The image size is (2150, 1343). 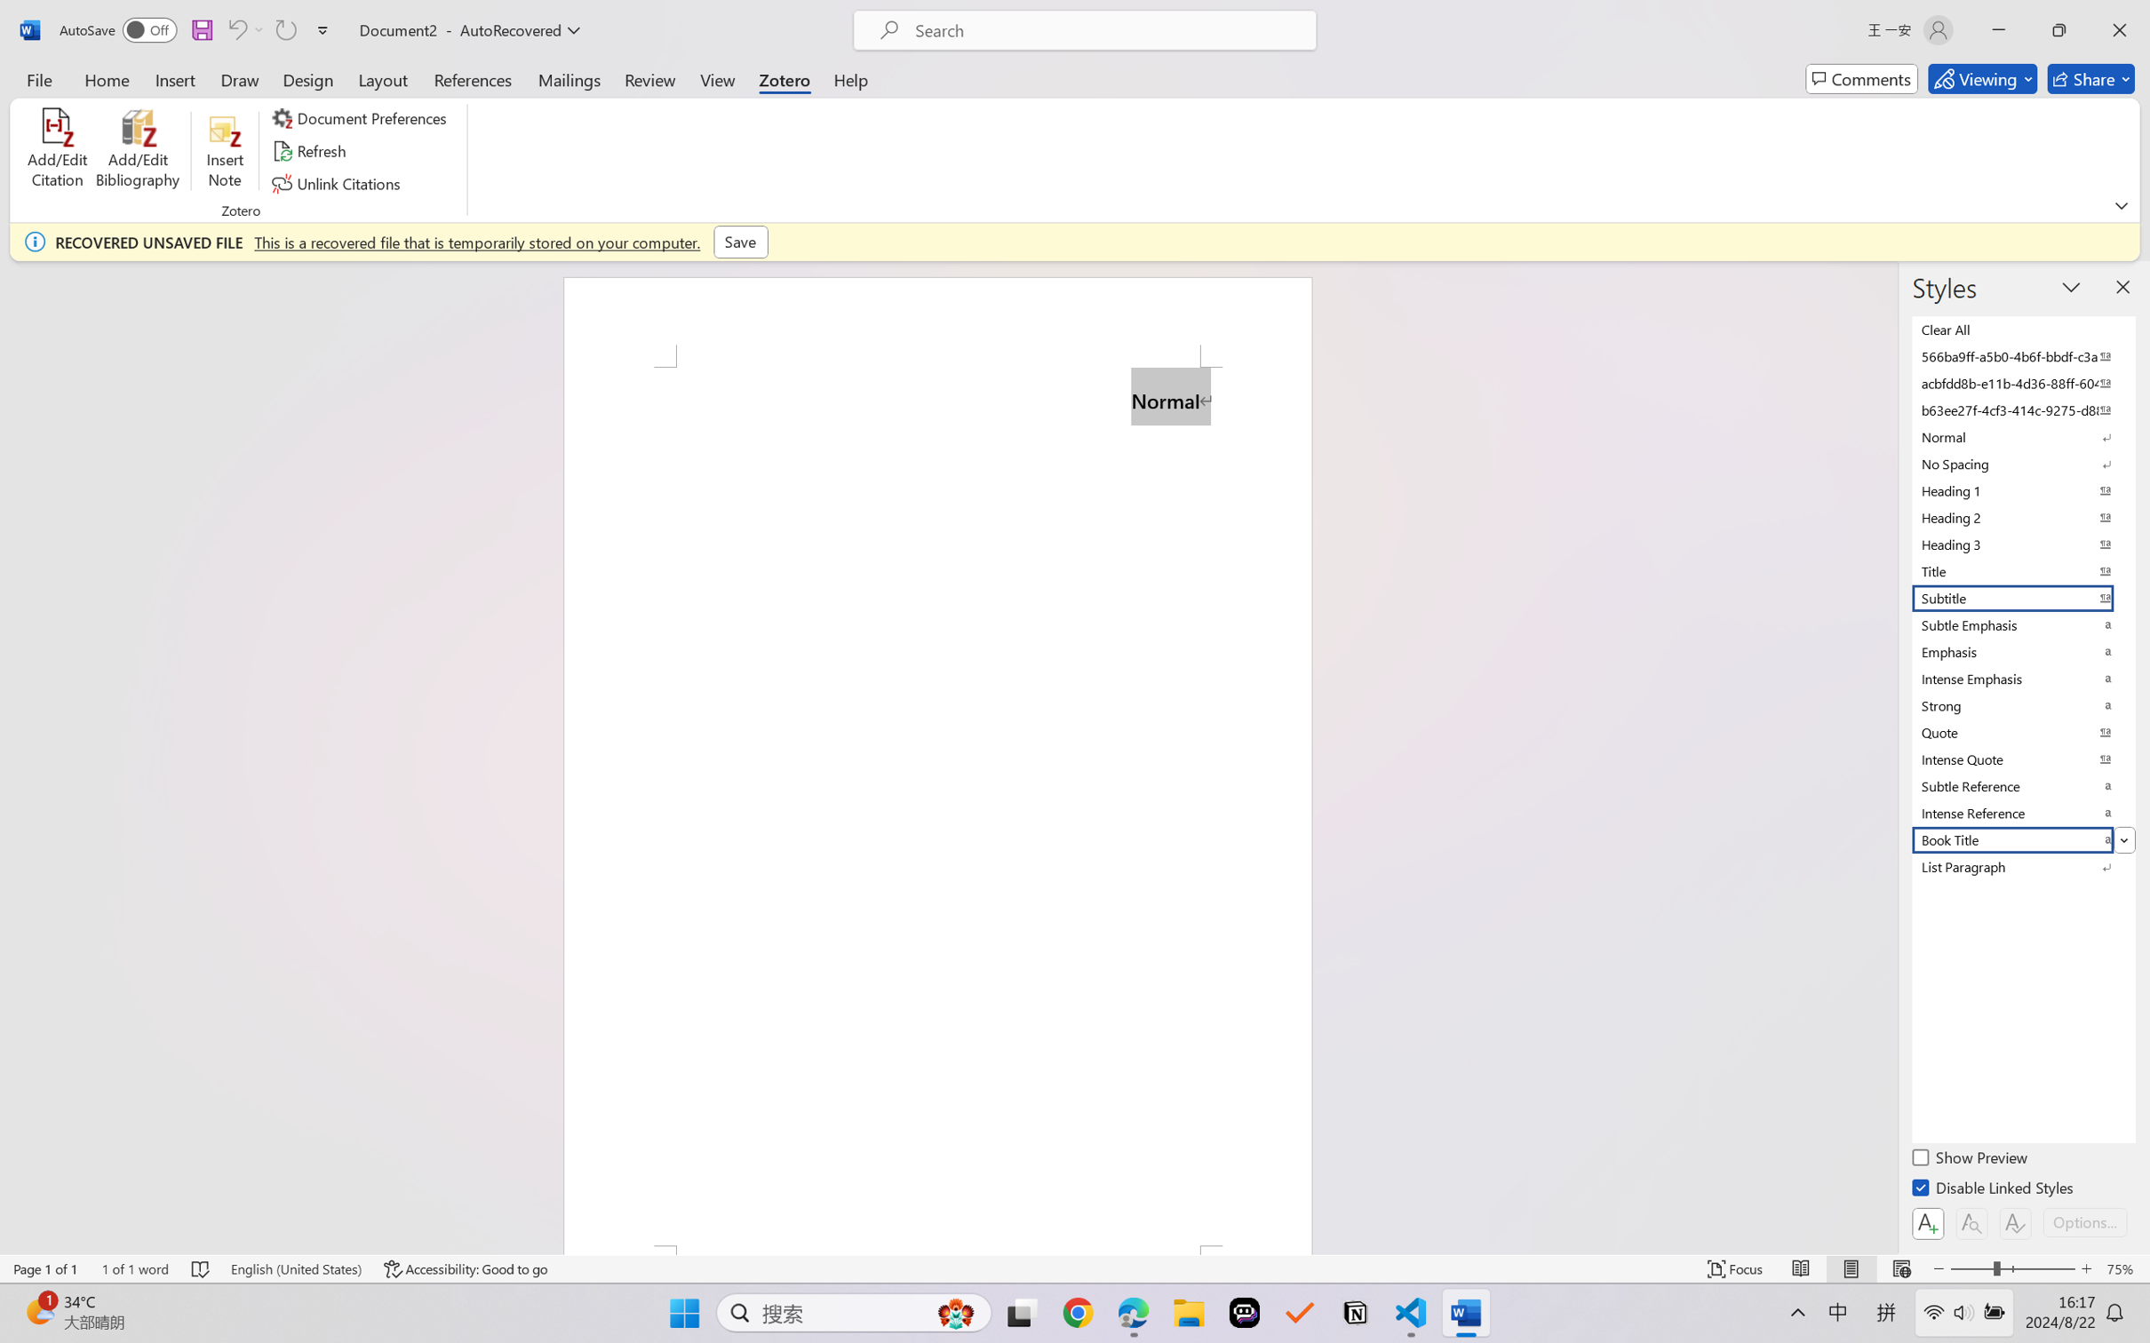 What do you see at coordinates (361, 116) in the screenshot?
I see `'Document Preferences'` at bounding box center [361, 116].